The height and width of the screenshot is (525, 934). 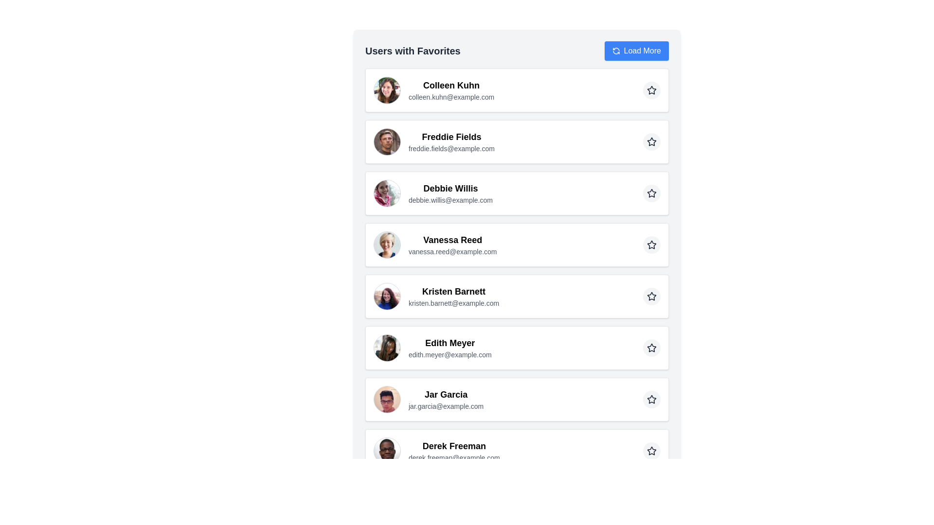 What do you see at coordinates (451, 142) in the screenshot?
I see `text content of the second entry in the 'Users with Favorites' section, which displays the name 'Freddie Fields' and the email 'freddie.fields@example.com'` at bounding box center [451, 142].